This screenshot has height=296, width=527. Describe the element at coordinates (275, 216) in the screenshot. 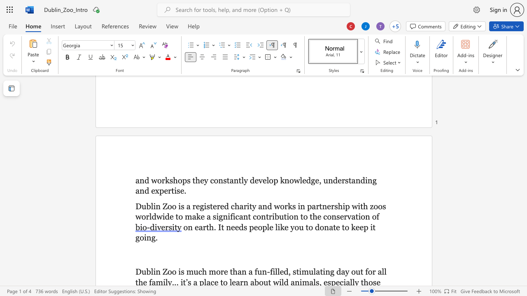

I see `the space between the continuous character "i" and "b" in the text` at that location.